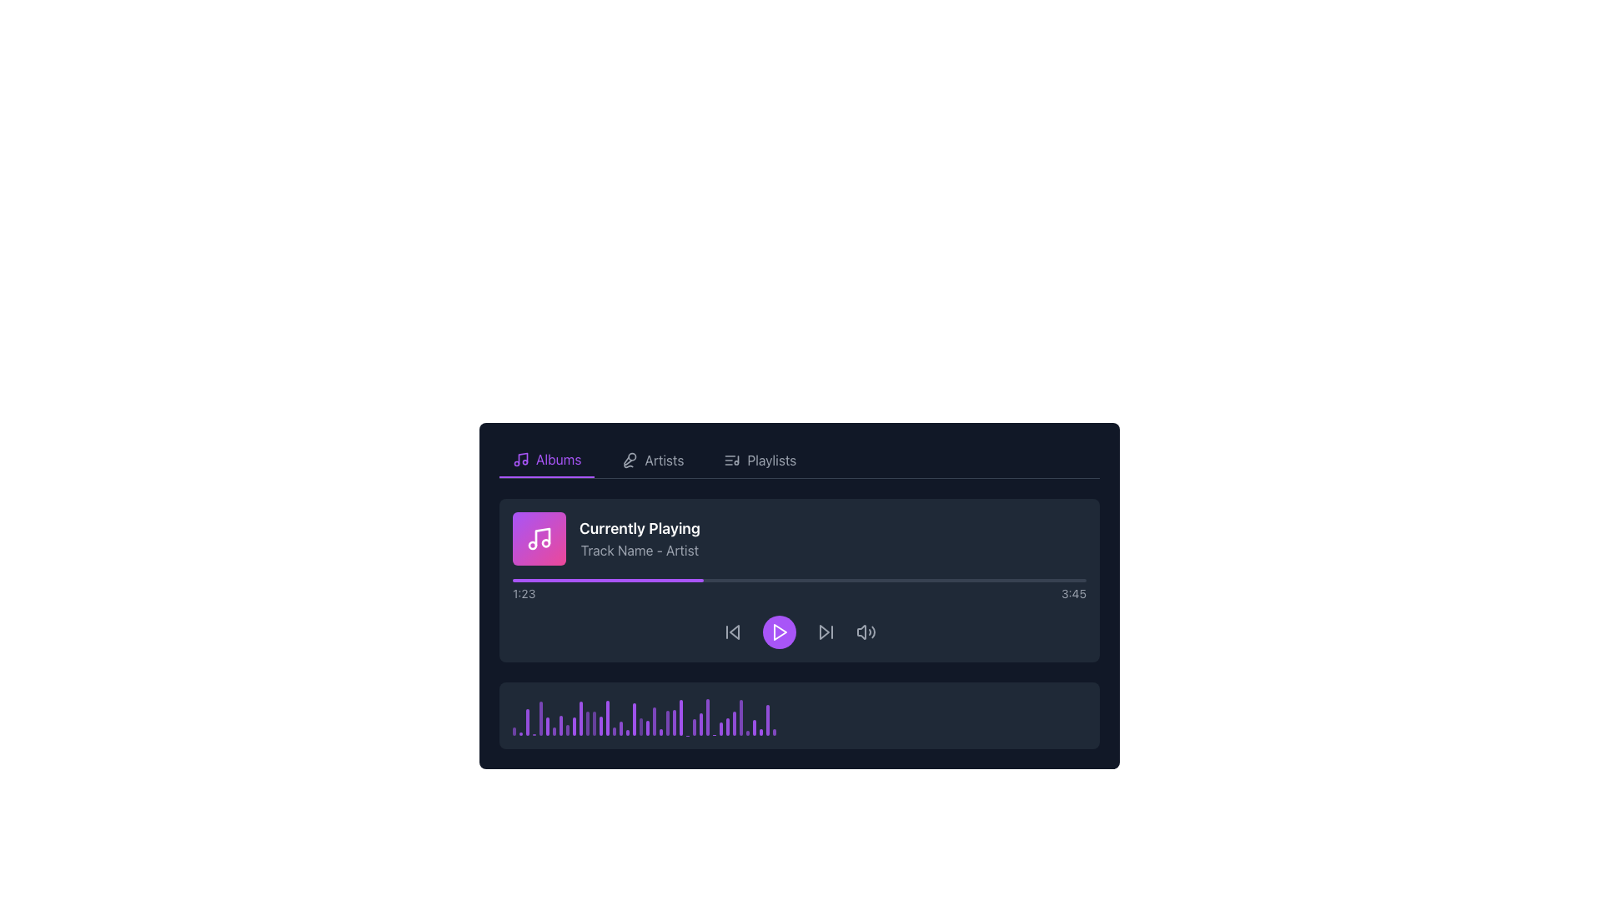 The image size is (1601, 901). What do you see at coordinates (675, 722) in the screenshot?
I see `the purple vertical progress bar segment, which is the 25th bar from the left in the audio visualization display at the bottom of the media player interface` at bounding box center [675, 722].